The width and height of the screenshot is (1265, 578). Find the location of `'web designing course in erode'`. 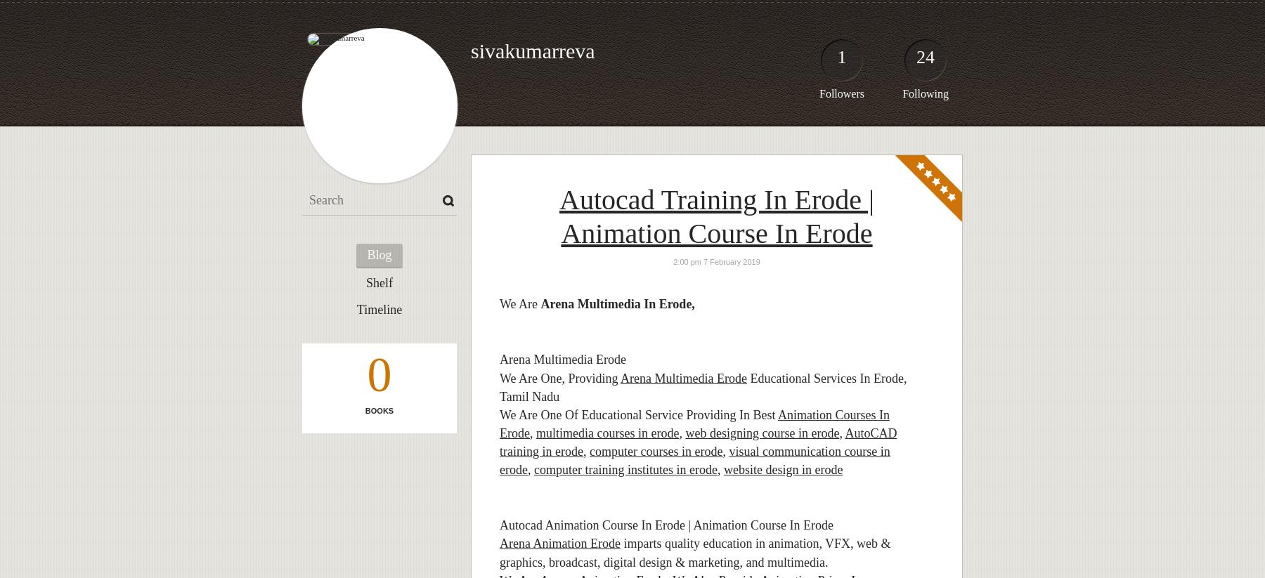

'web designing course in erode' is located at coordinates (685, 432).